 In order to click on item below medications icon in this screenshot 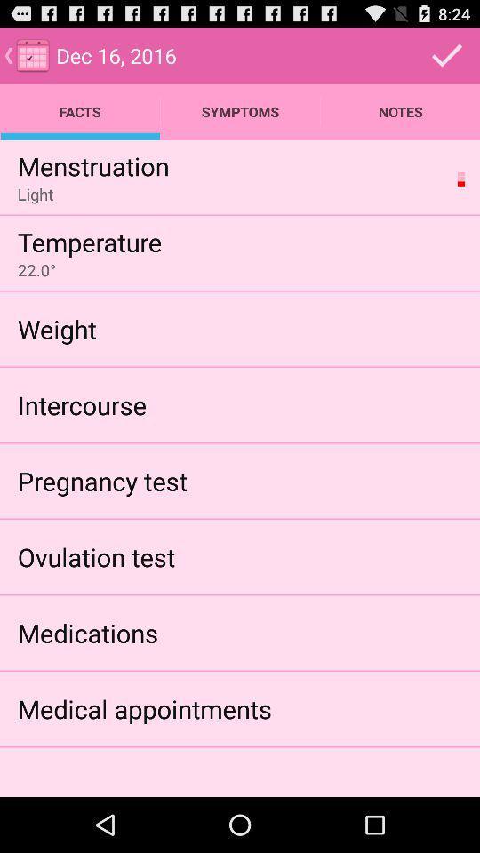, I will do `click(143, 708)`.